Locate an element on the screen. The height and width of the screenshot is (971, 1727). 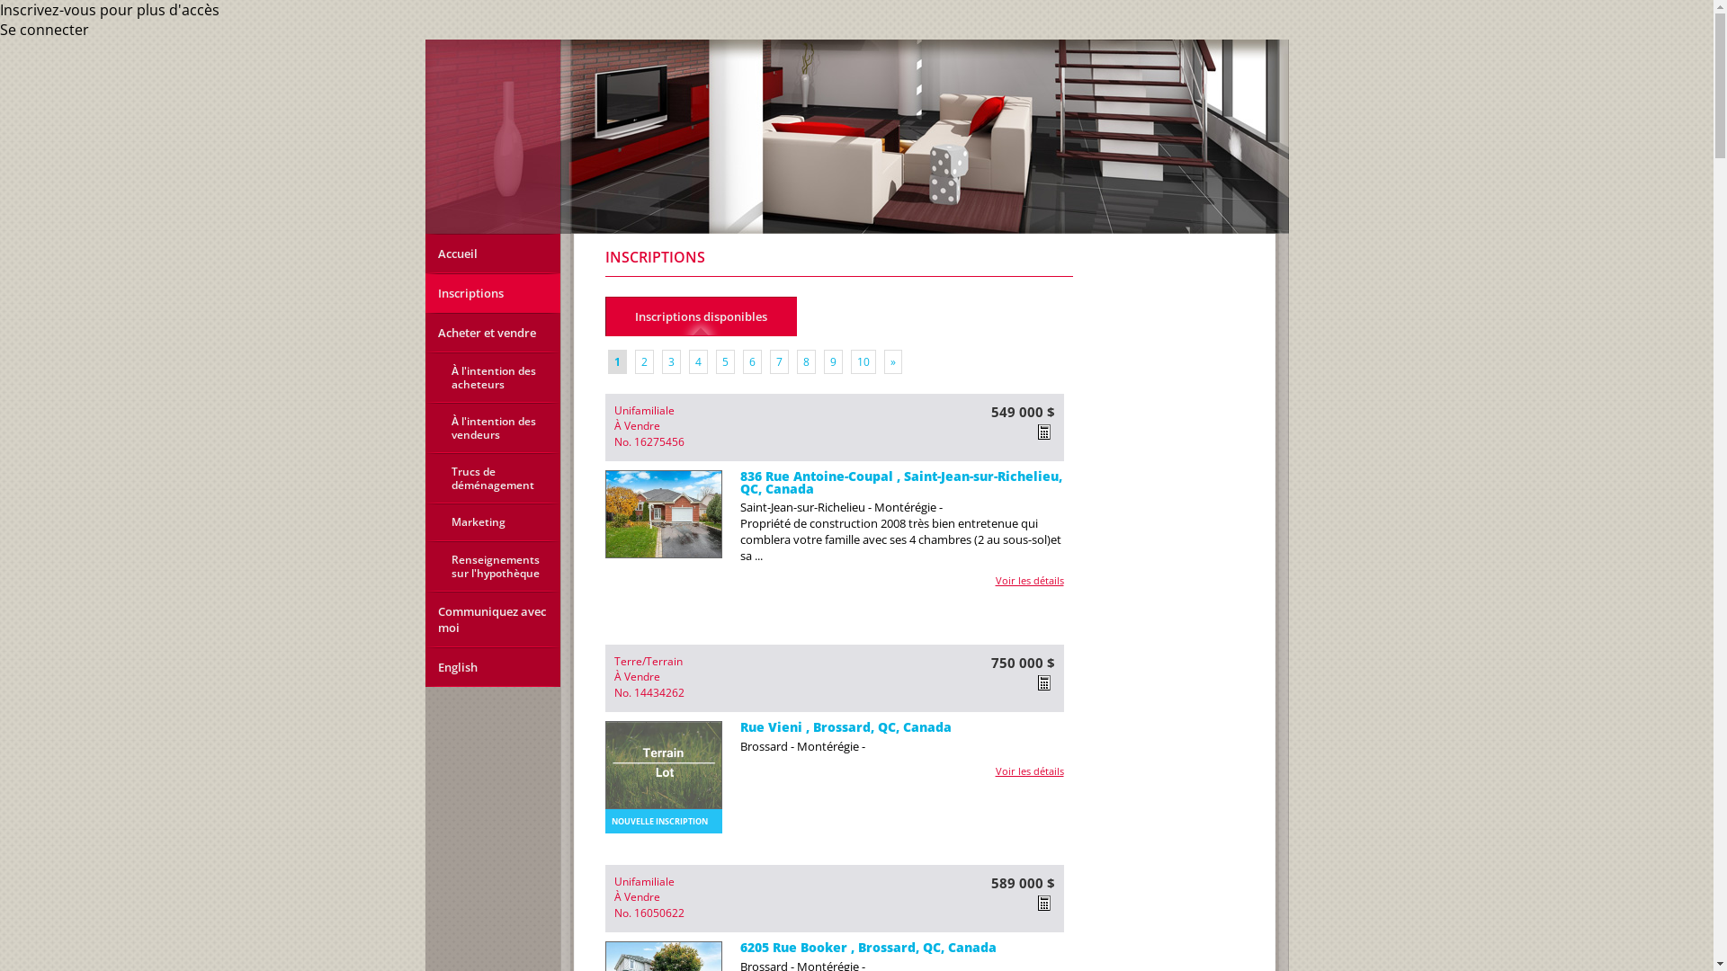
'8' is located at coordinates (796, 361).